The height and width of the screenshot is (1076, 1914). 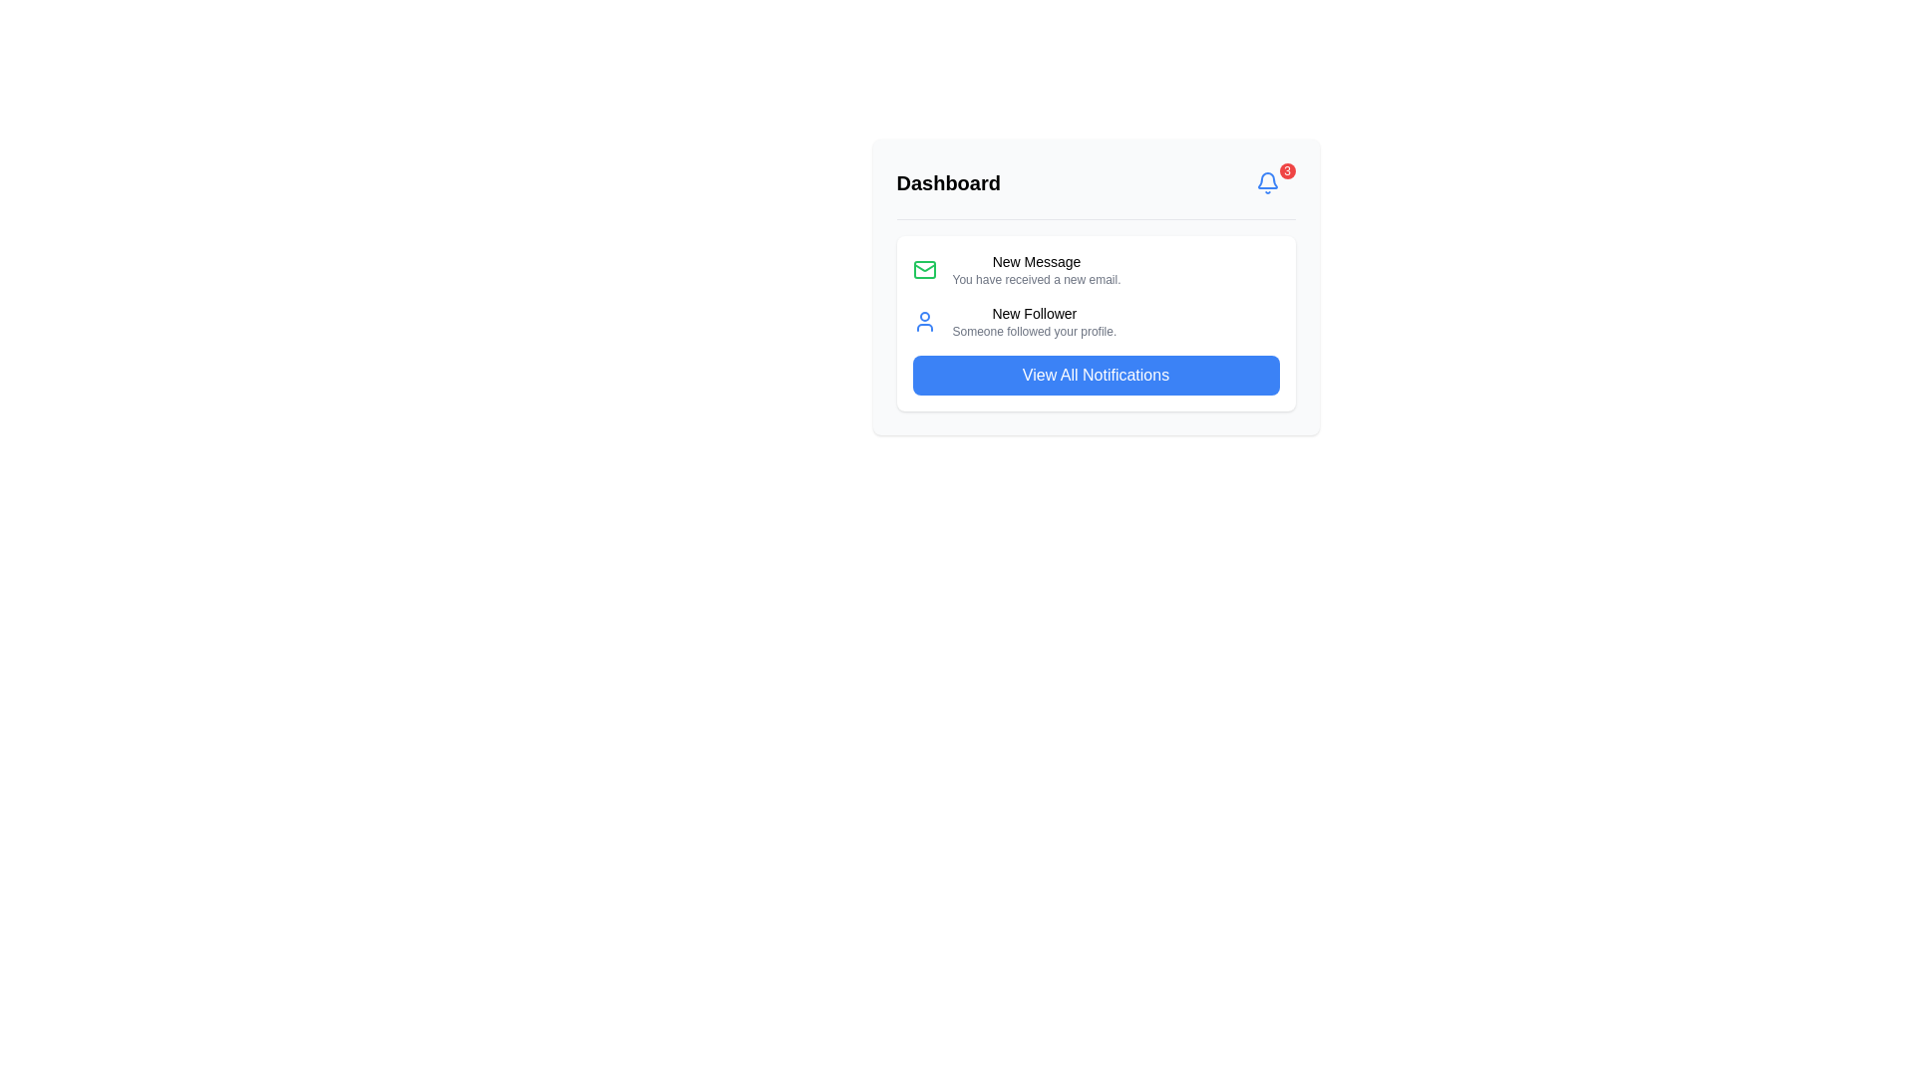 I want to click on the displayed text of the notification title above the description text that reads 'You have received a new email.', so click(x=1037, y=260).